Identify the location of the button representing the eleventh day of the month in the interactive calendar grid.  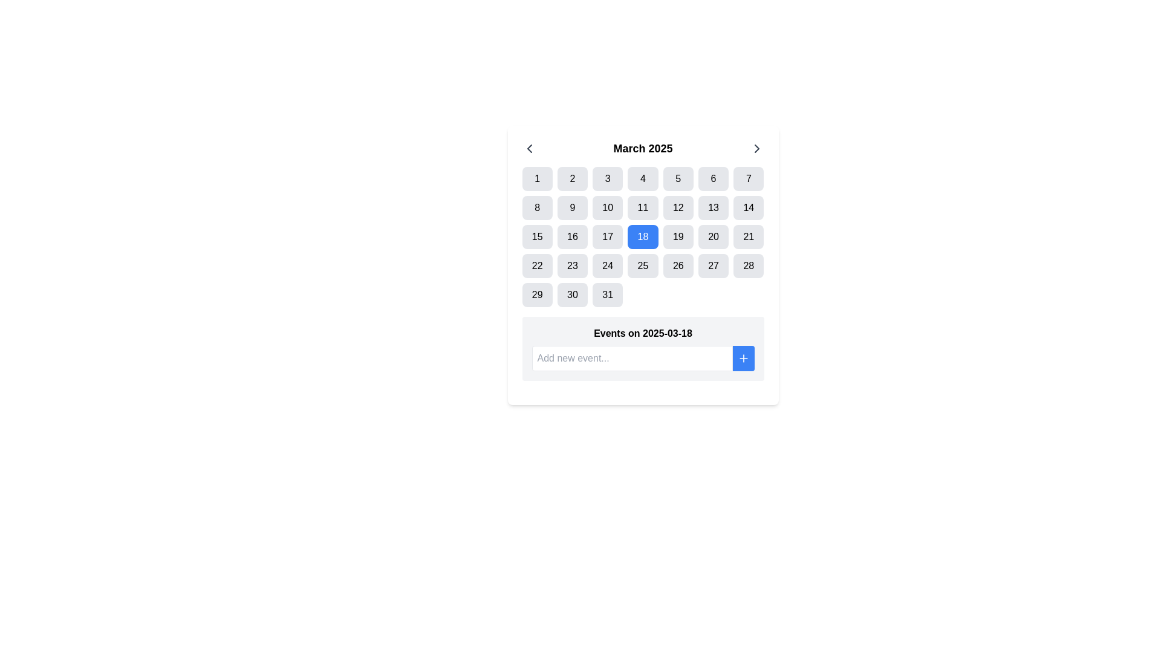
(642, 207).